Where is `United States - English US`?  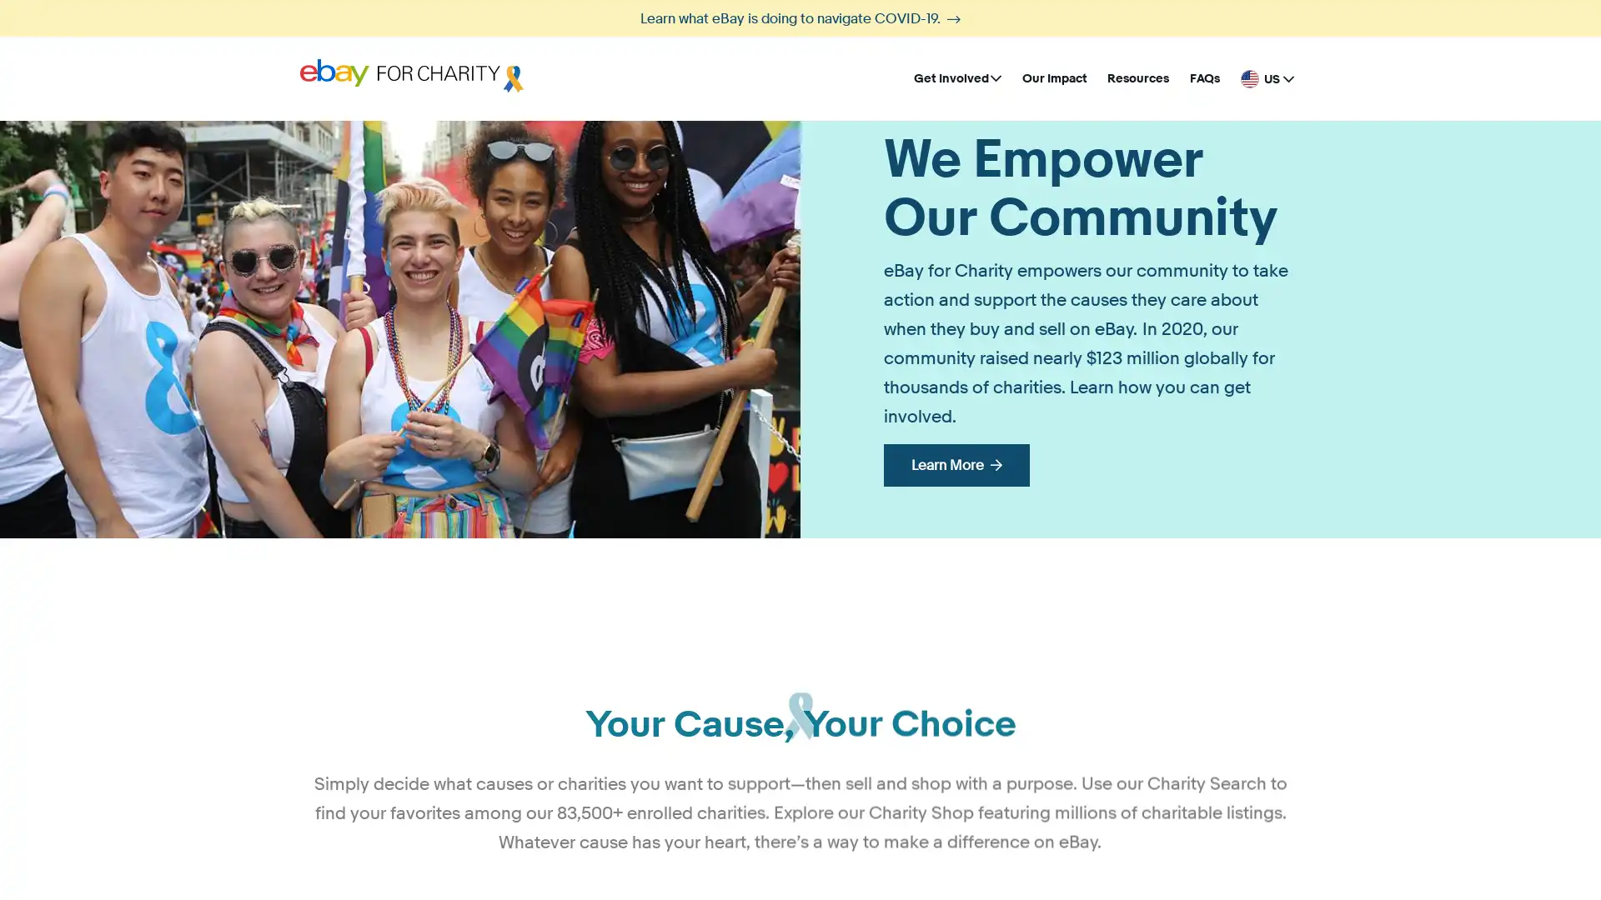 United States - English US is located at coordinates (1266, 77).